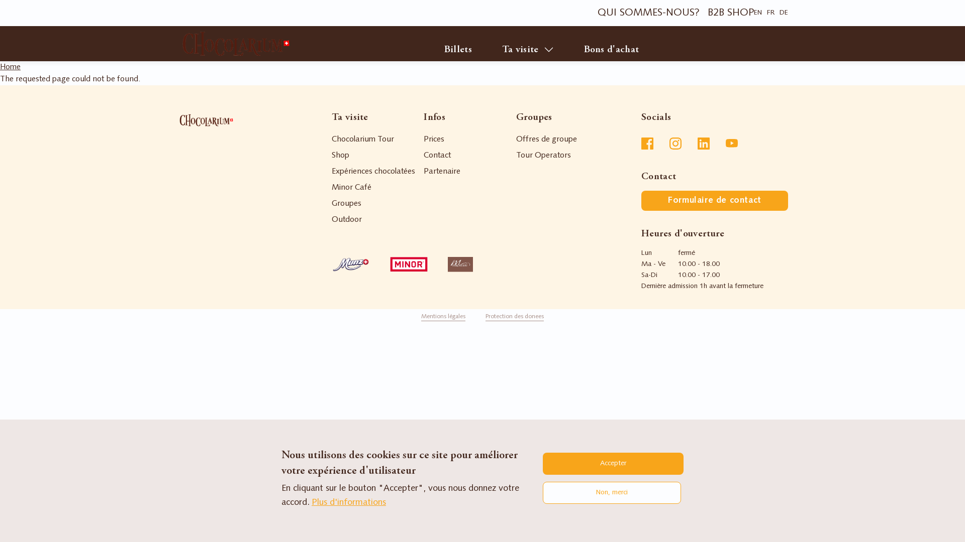 This screenshot has height=542, width=965. I want to click on 'Contact', so click(437, 155).